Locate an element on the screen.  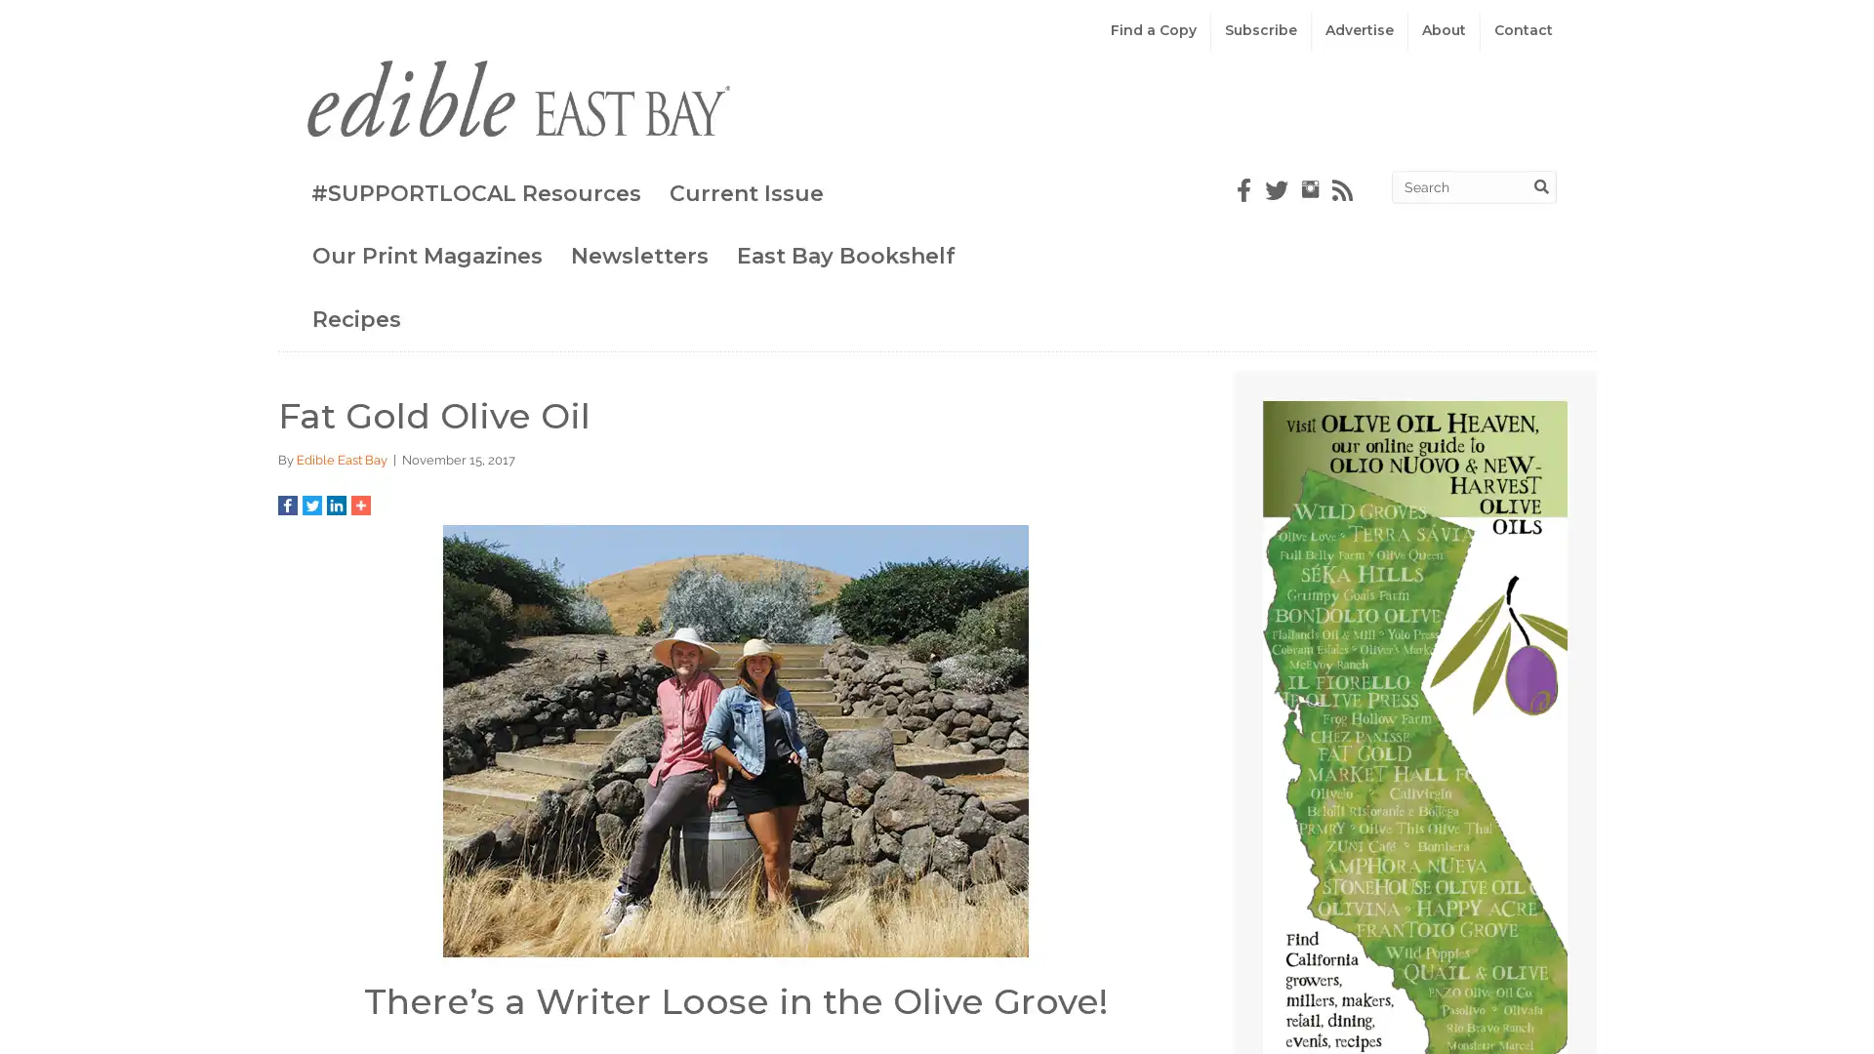
Share to Twitter is located at coordinates (304, 503).